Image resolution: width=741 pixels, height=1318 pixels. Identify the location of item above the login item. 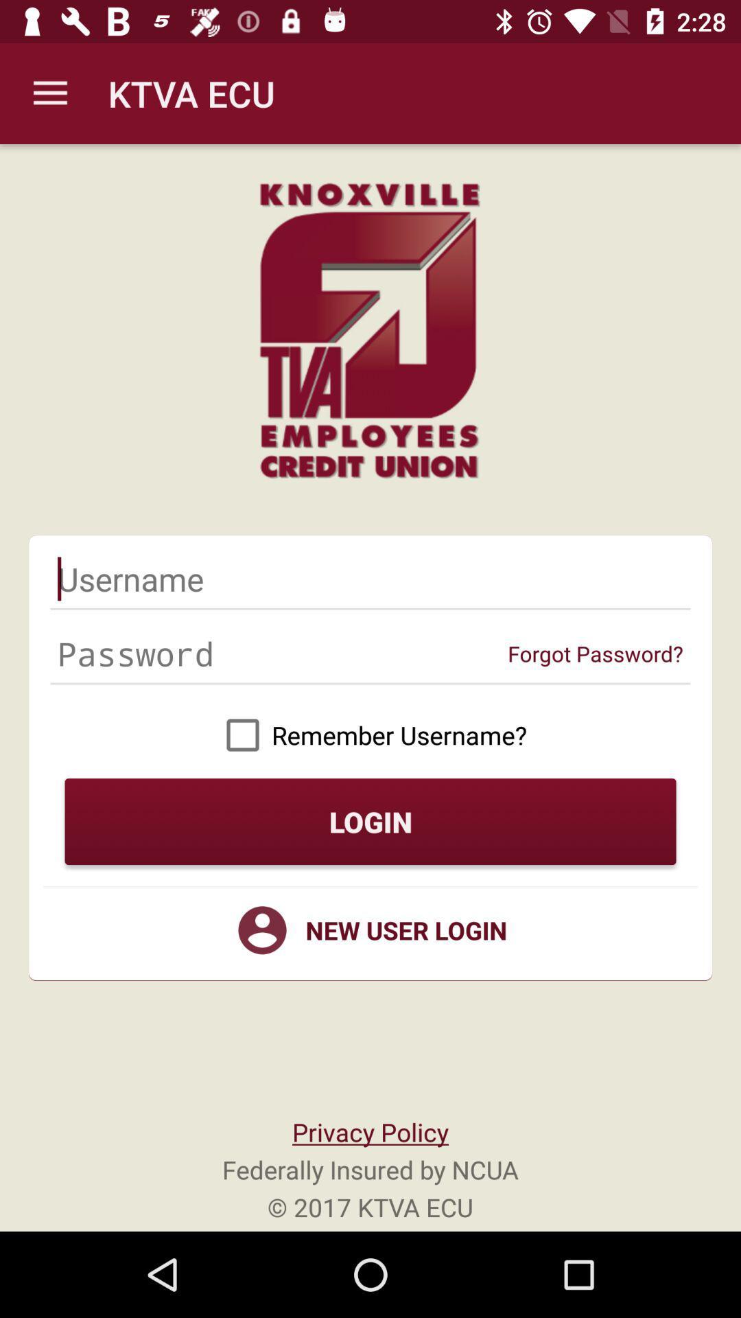
(370, 734).